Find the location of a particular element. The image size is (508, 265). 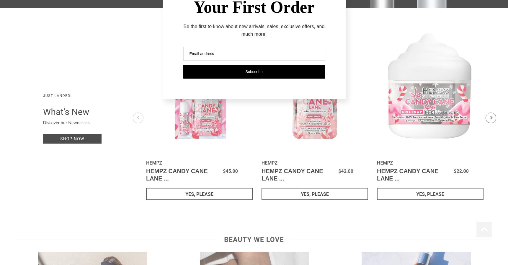

'Discover our Newnesses' is located at coordinates (43, 123).